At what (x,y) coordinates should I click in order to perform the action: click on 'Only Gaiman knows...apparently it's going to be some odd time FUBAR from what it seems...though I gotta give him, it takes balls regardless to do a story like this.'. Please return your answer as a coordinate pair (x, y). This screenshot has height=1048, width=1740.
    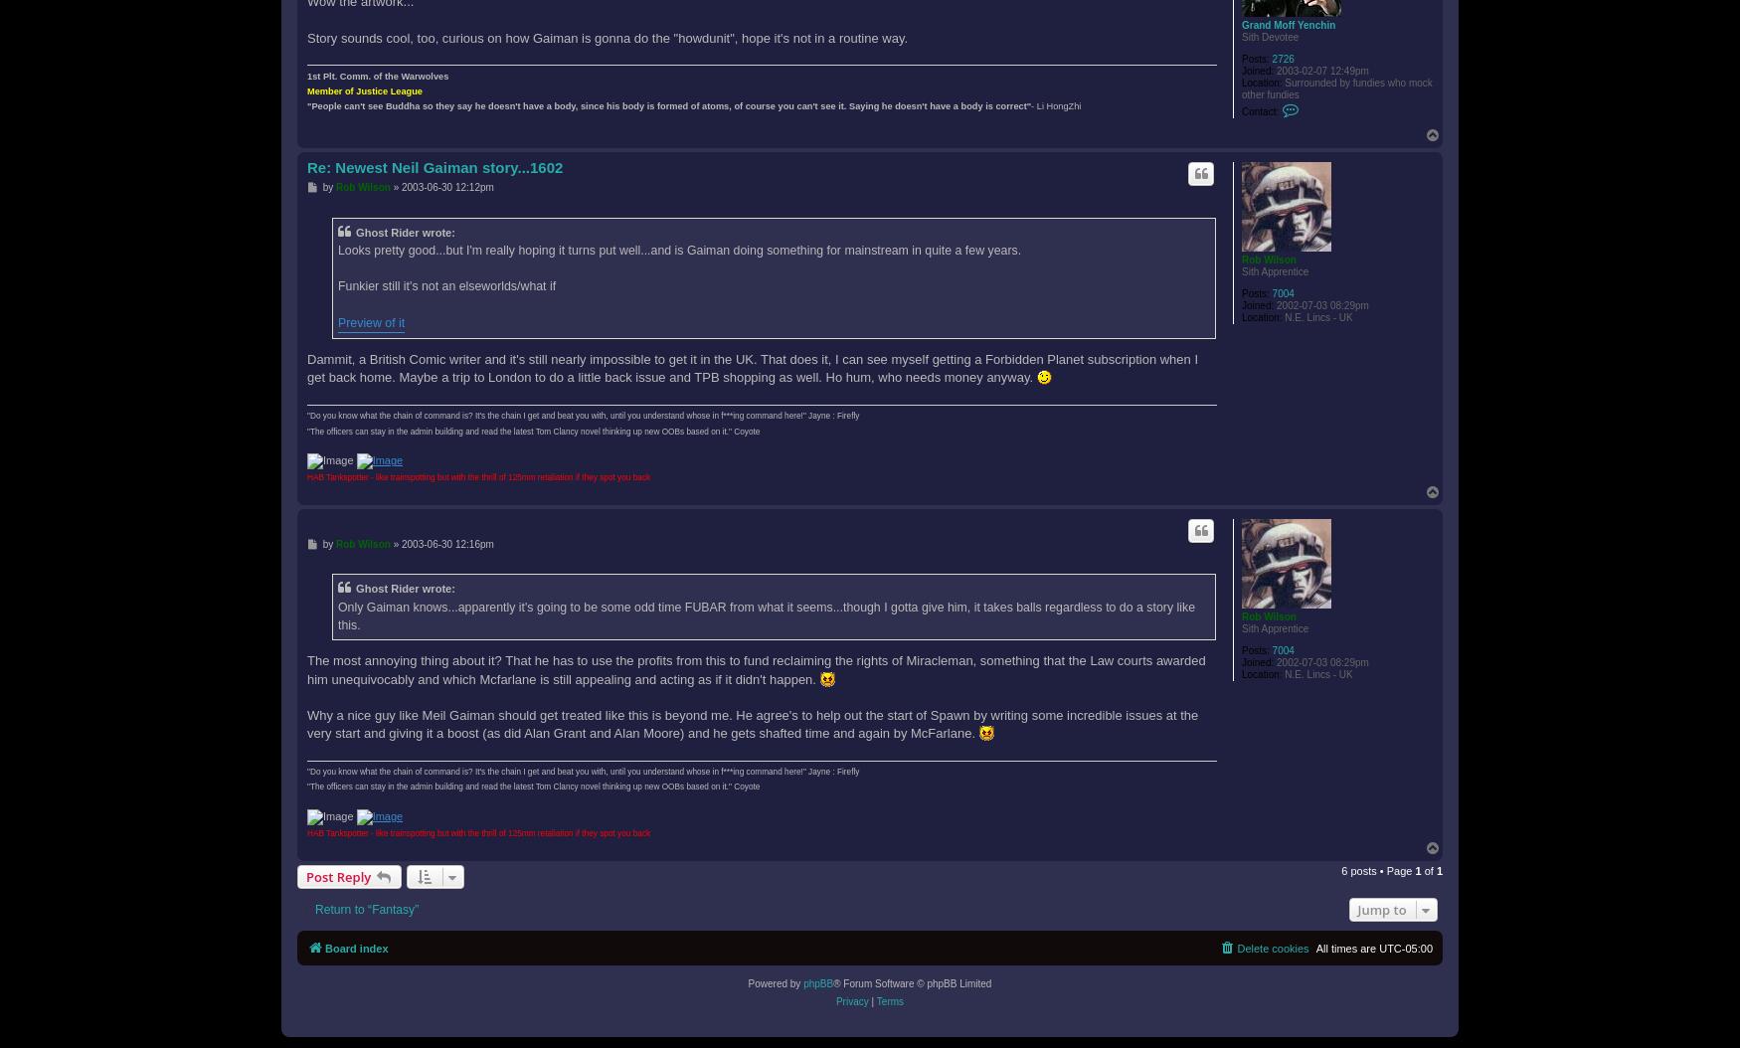
    Looking at the image, I should click on (338, 614).